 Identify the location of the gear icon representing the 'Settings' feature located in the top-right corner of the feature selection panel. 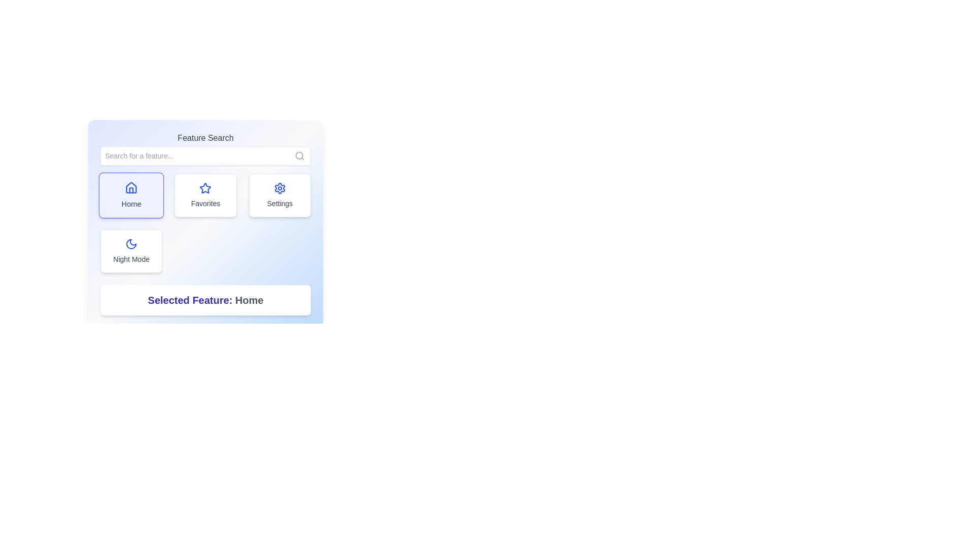
(280, 188).